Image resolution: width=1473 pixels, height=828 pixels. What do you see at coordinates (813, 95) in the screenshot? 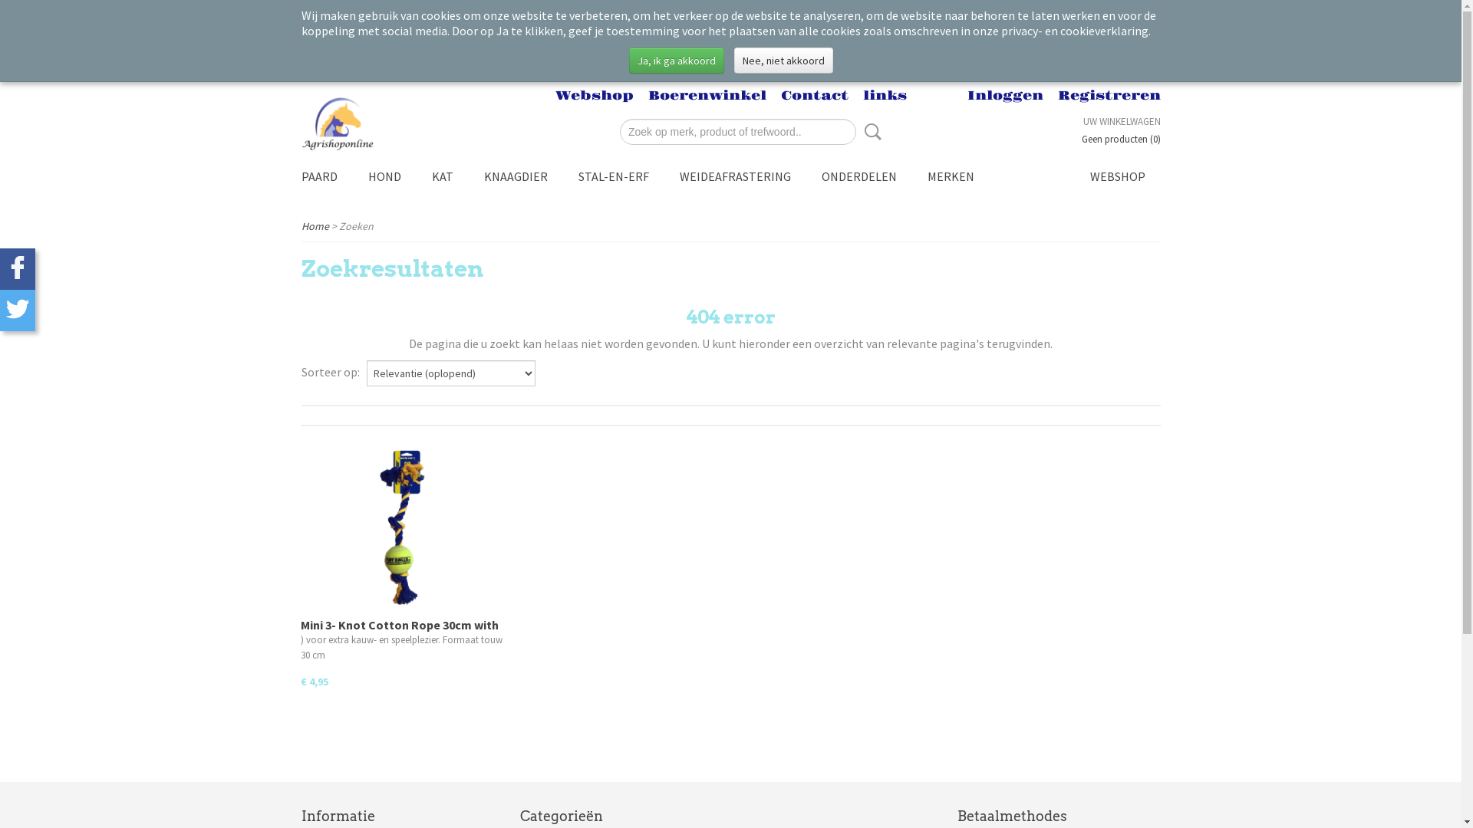
I see `'Contact'` at bounding box center [813, 95].